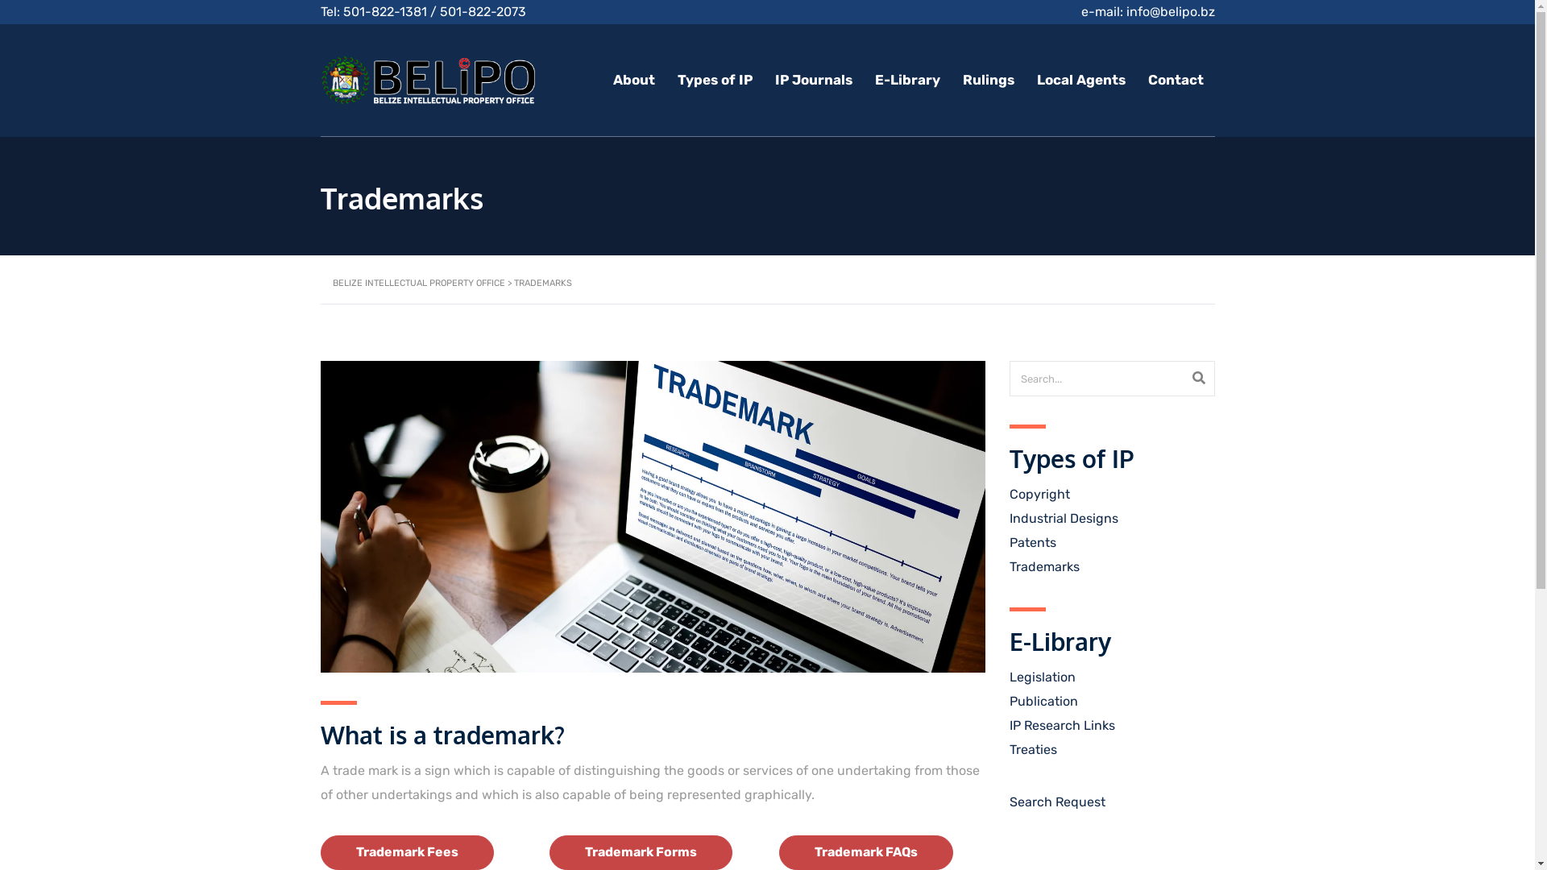  I want to click on 'Publication', so click(1043, 700).